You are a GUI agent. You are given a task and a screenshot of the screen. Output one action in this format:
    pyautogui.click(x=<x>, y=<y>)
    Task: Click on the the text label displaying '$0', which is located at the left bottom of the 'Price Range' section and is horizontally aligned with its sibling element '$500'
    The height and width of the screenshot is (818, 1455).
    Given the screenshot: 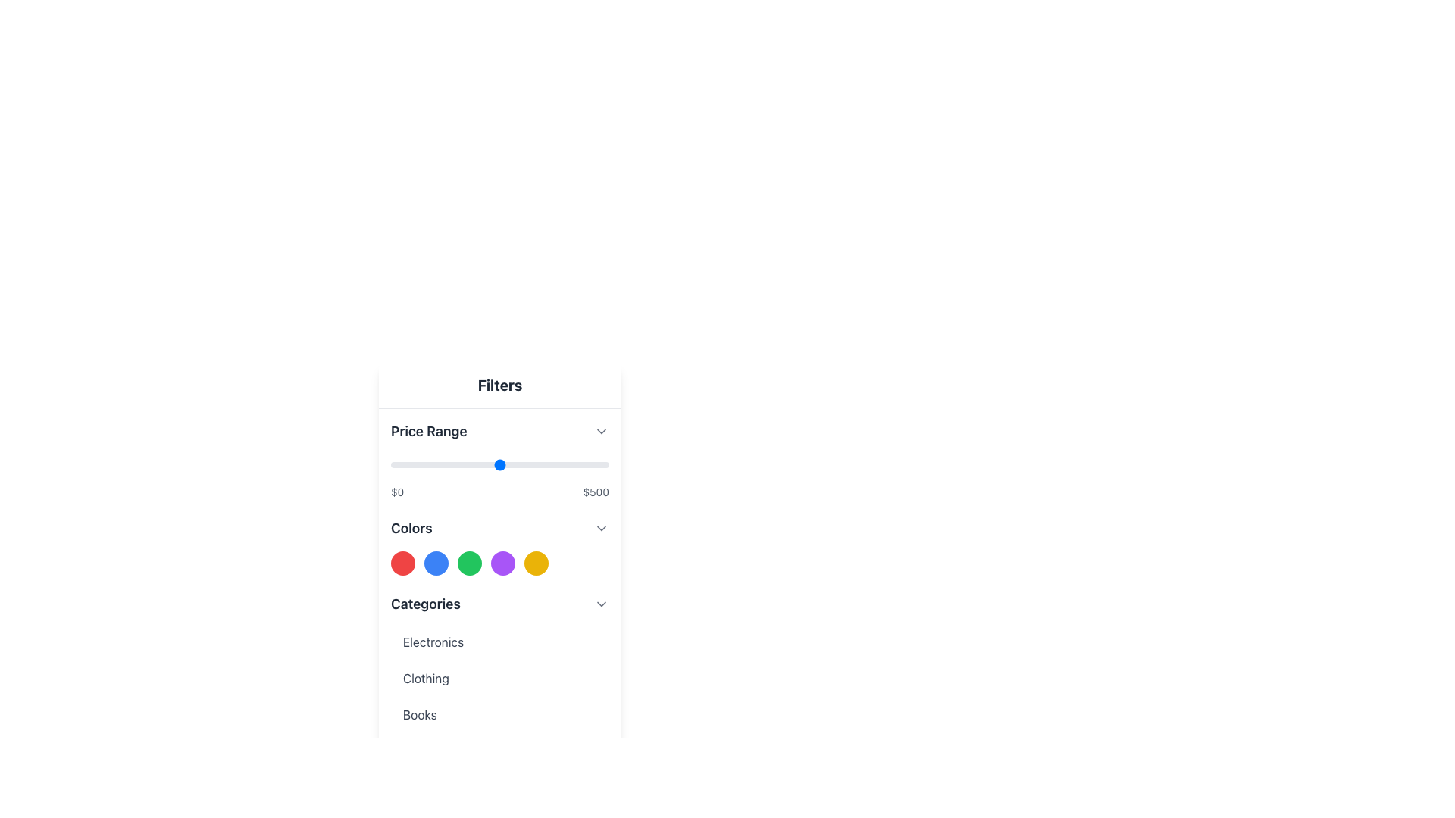 What is the action you would take?
    pyautogui.click(x=397, y=492)
    